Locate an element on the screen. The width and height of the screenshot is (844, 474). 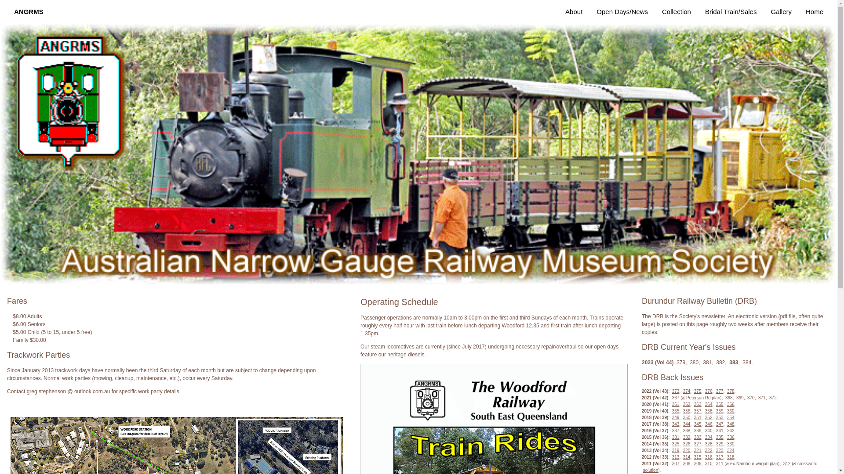
'368' is located at coordinates (729, 398).